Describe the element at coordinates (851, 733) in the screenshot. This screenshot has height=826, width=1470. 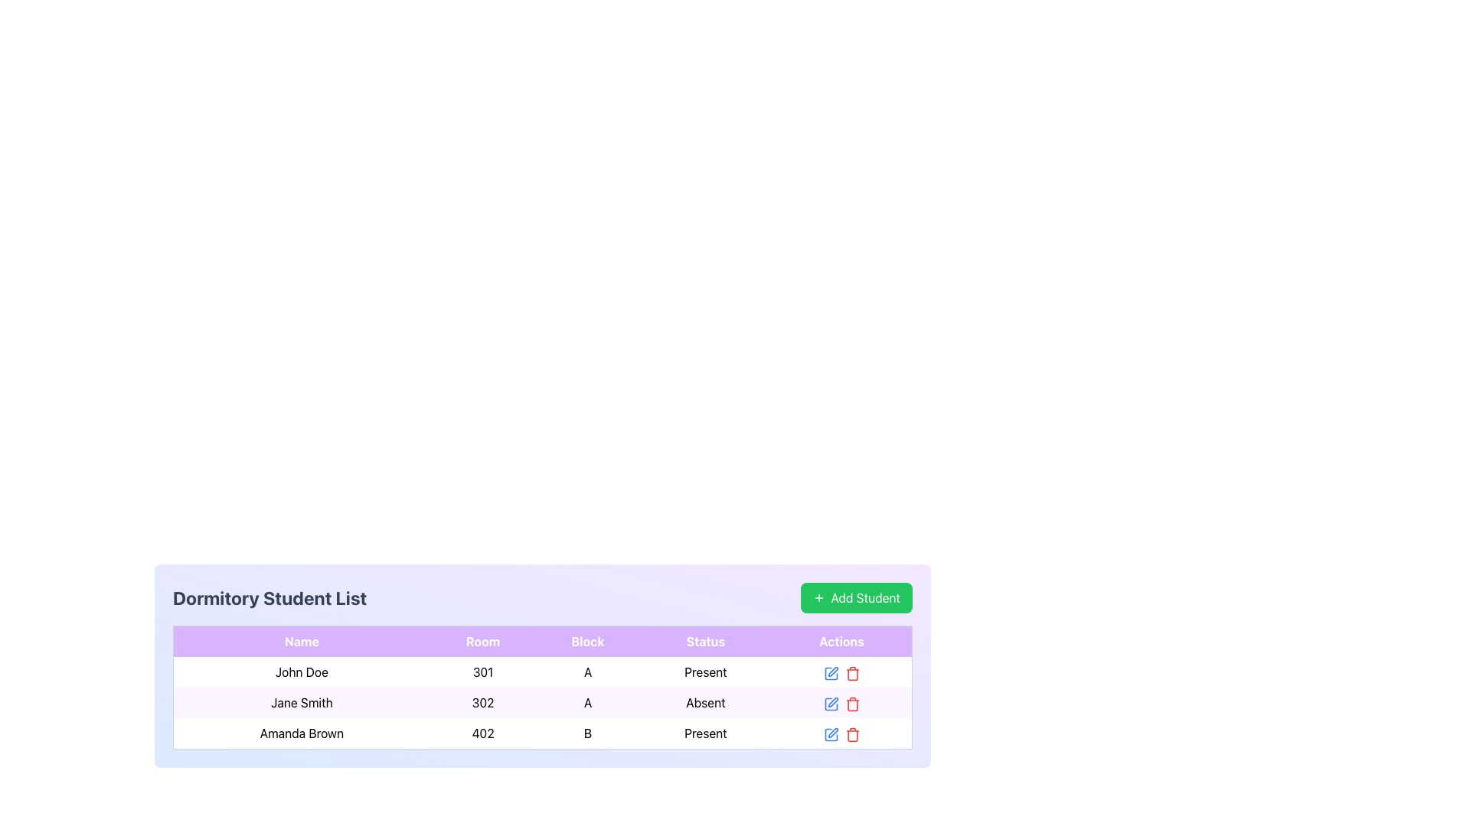
I see `the Trash icon button located in the bottom row of the table under the 'Actions' column` at that location.